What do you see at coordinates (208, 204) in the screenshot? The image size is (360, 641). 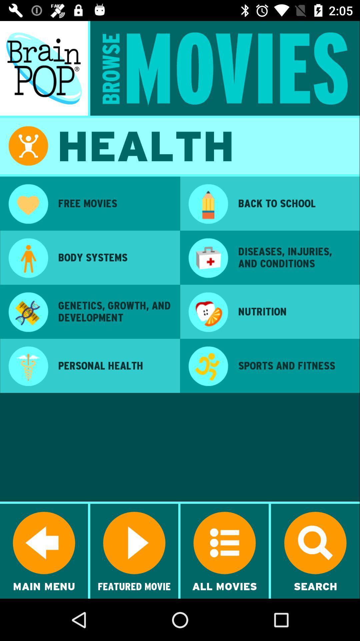 I see `the icon next to free movies item` at bounding box center [208, 204].